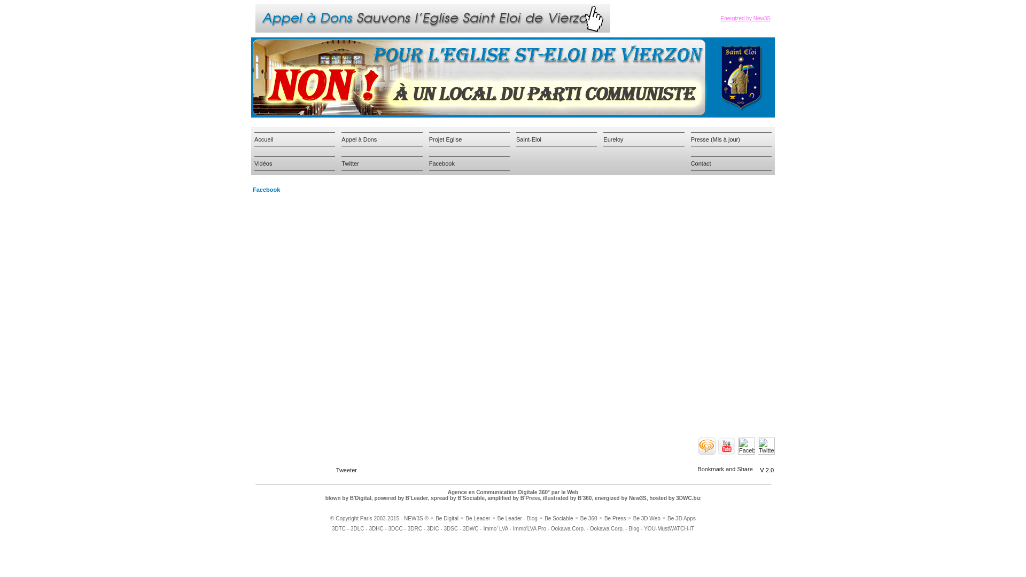  I want to click on 'Youtube', so click(718, 446).